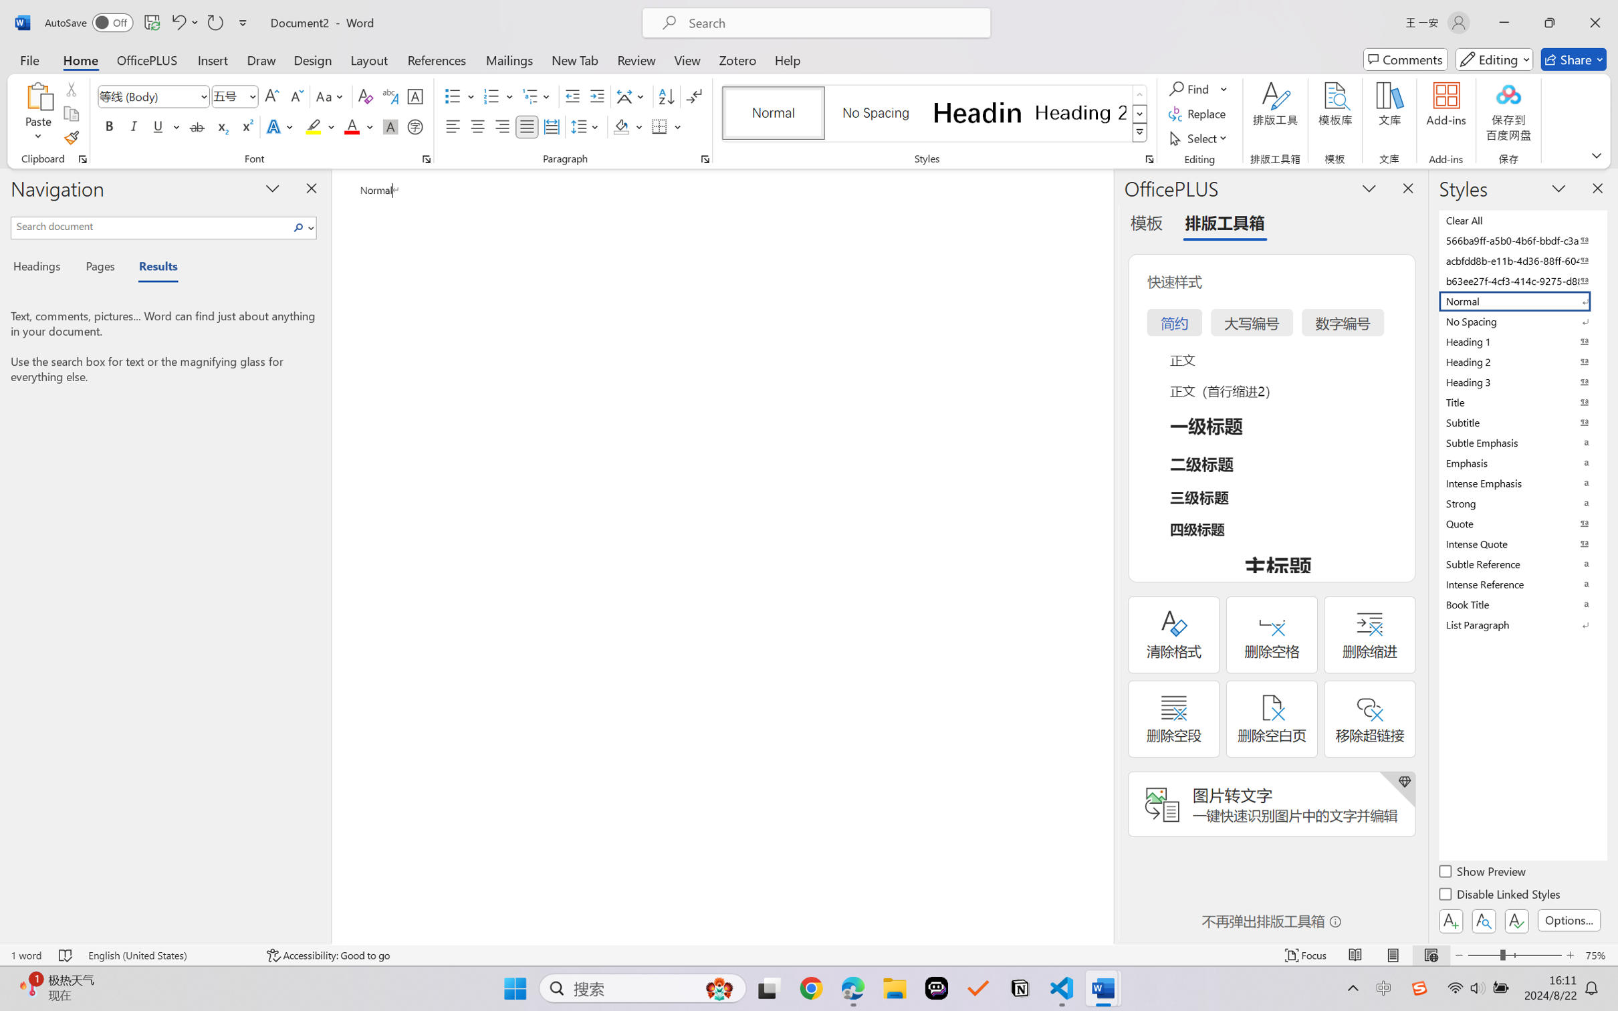  I want to click on 'Shrink Font', so click(295, 96).